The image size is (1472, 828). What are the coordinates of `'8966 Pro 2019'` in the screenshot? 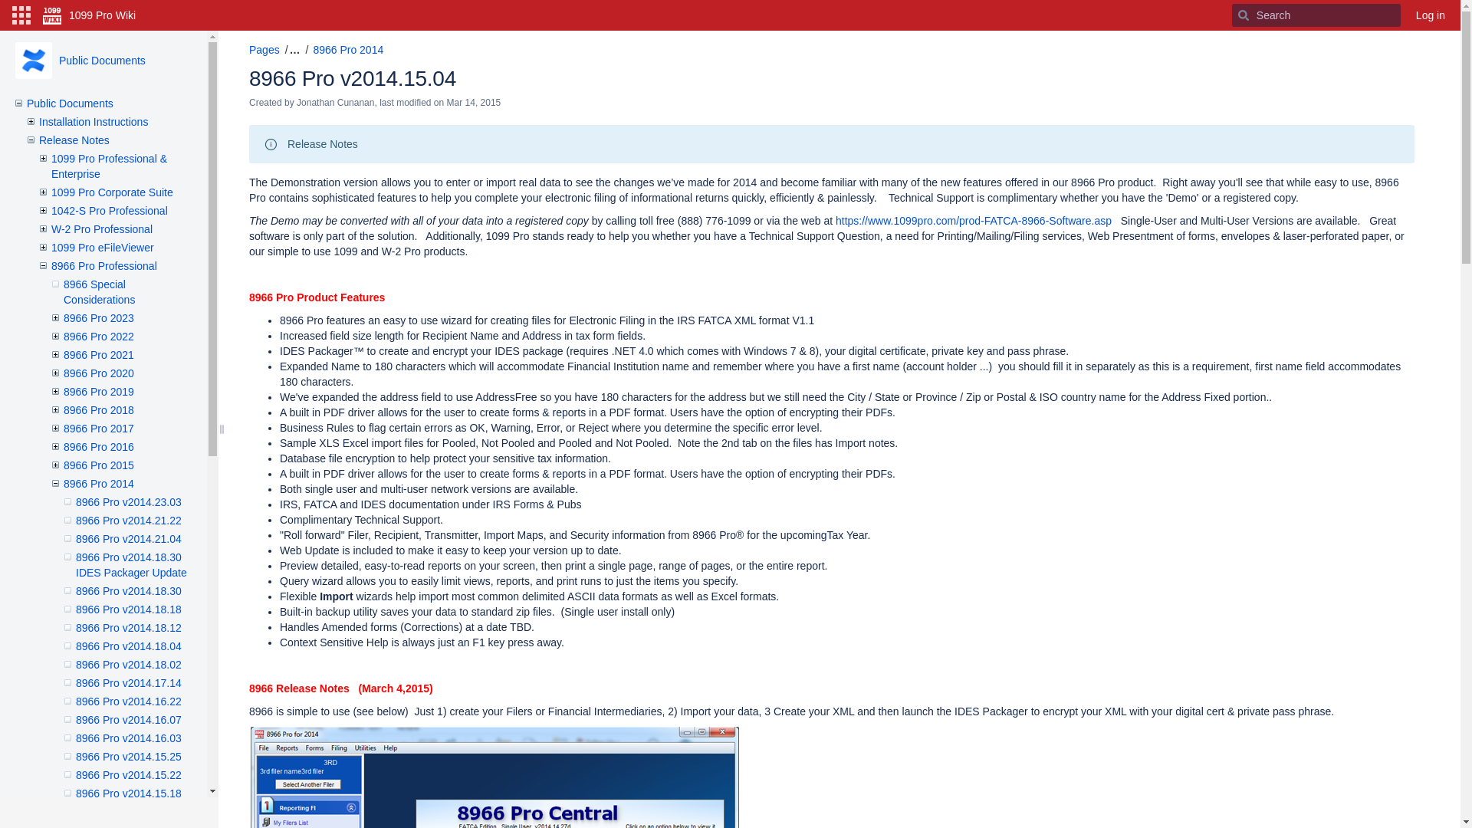 It's located at (98, 390).